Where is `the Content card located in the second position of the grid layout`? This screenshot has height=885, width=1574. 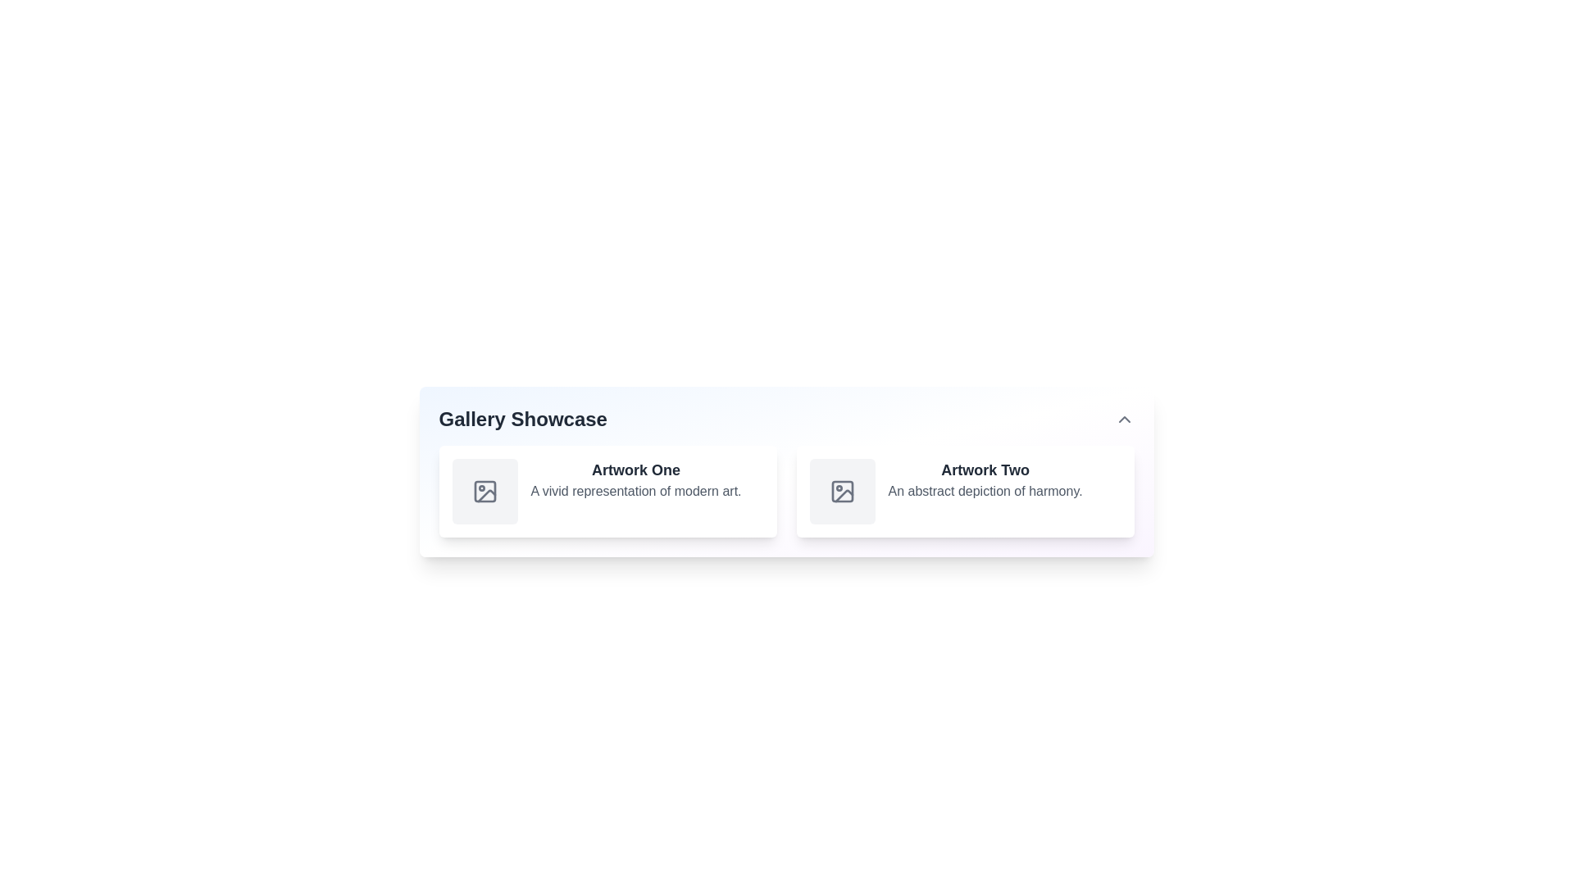 the Content card located in the second position of the grid layout is located at coordinates (965, 491).